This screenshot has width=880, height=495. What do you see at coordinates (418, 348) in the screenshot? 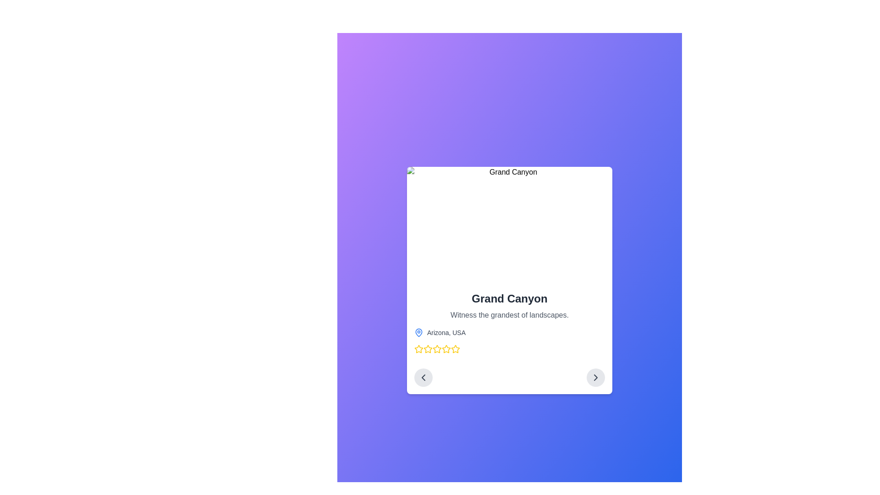
I see `the first star icon (SVG star) located below 'Arizona, USA'` at bounding box center [418, 348].